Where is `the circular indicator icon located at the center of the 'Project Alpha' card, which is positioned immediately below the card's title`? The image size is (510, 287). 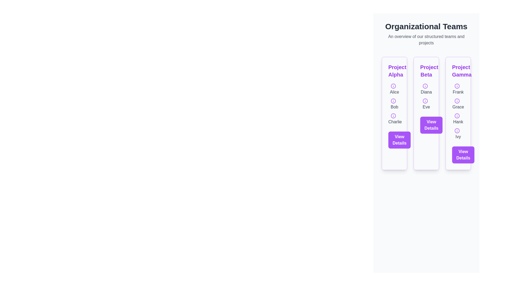
the circular indicator icon located at the center of the 'Project Alpha' card, which is positioned immediately below the card's title is located at coordinates (393, 86).